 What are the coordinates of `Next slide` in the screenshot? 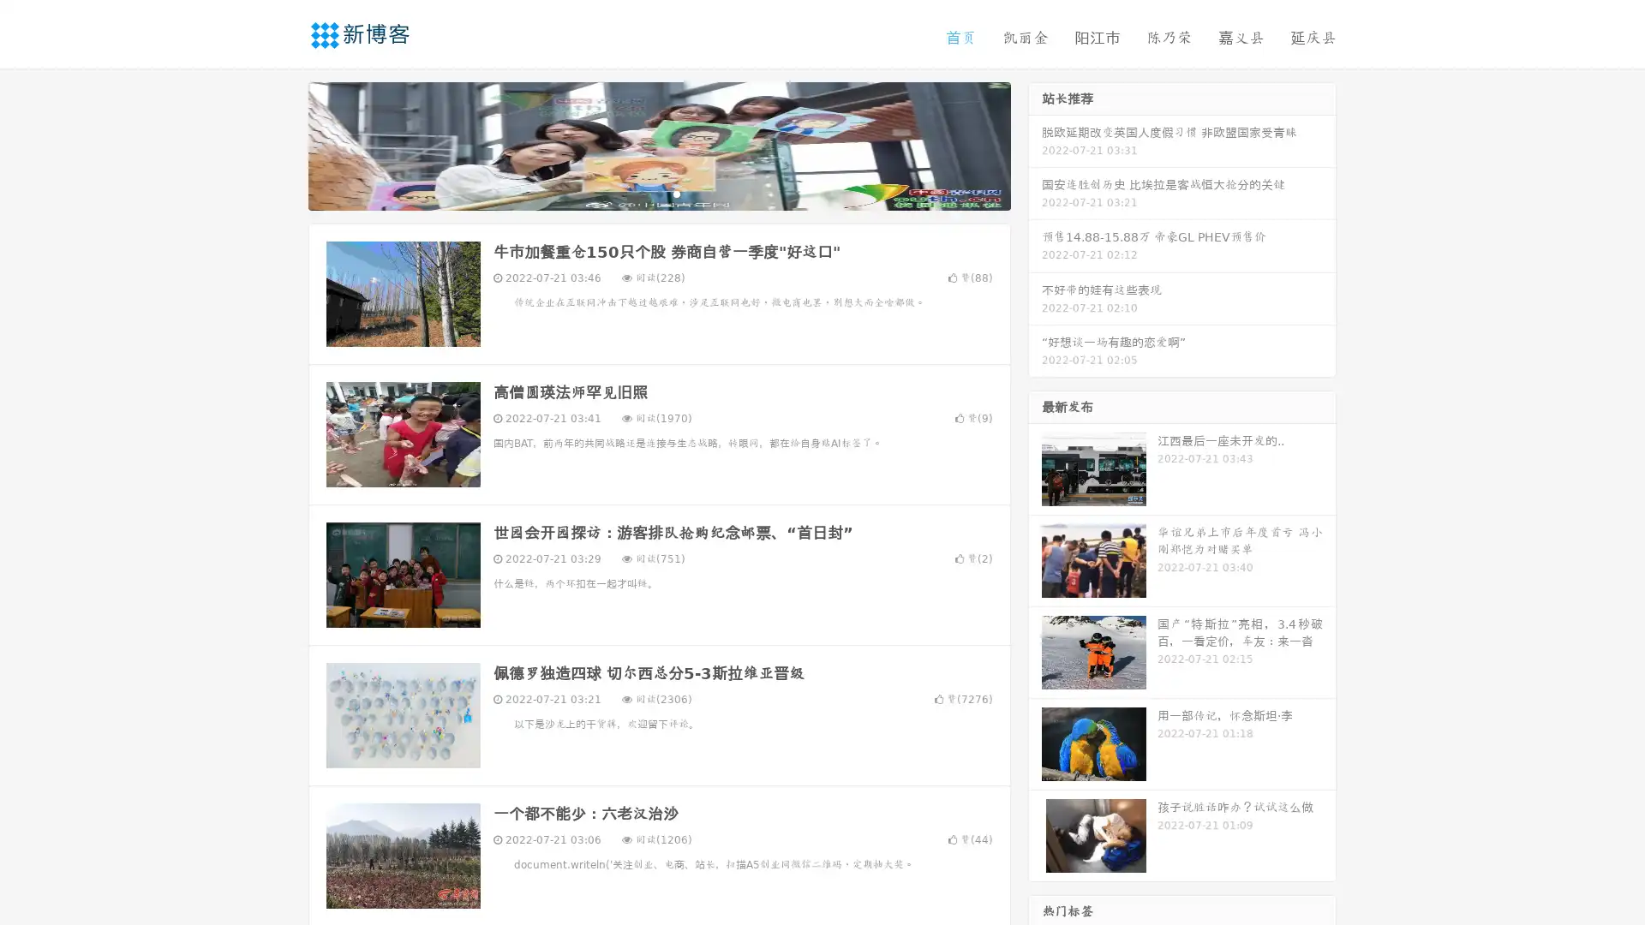 It's located at (1035, 144).